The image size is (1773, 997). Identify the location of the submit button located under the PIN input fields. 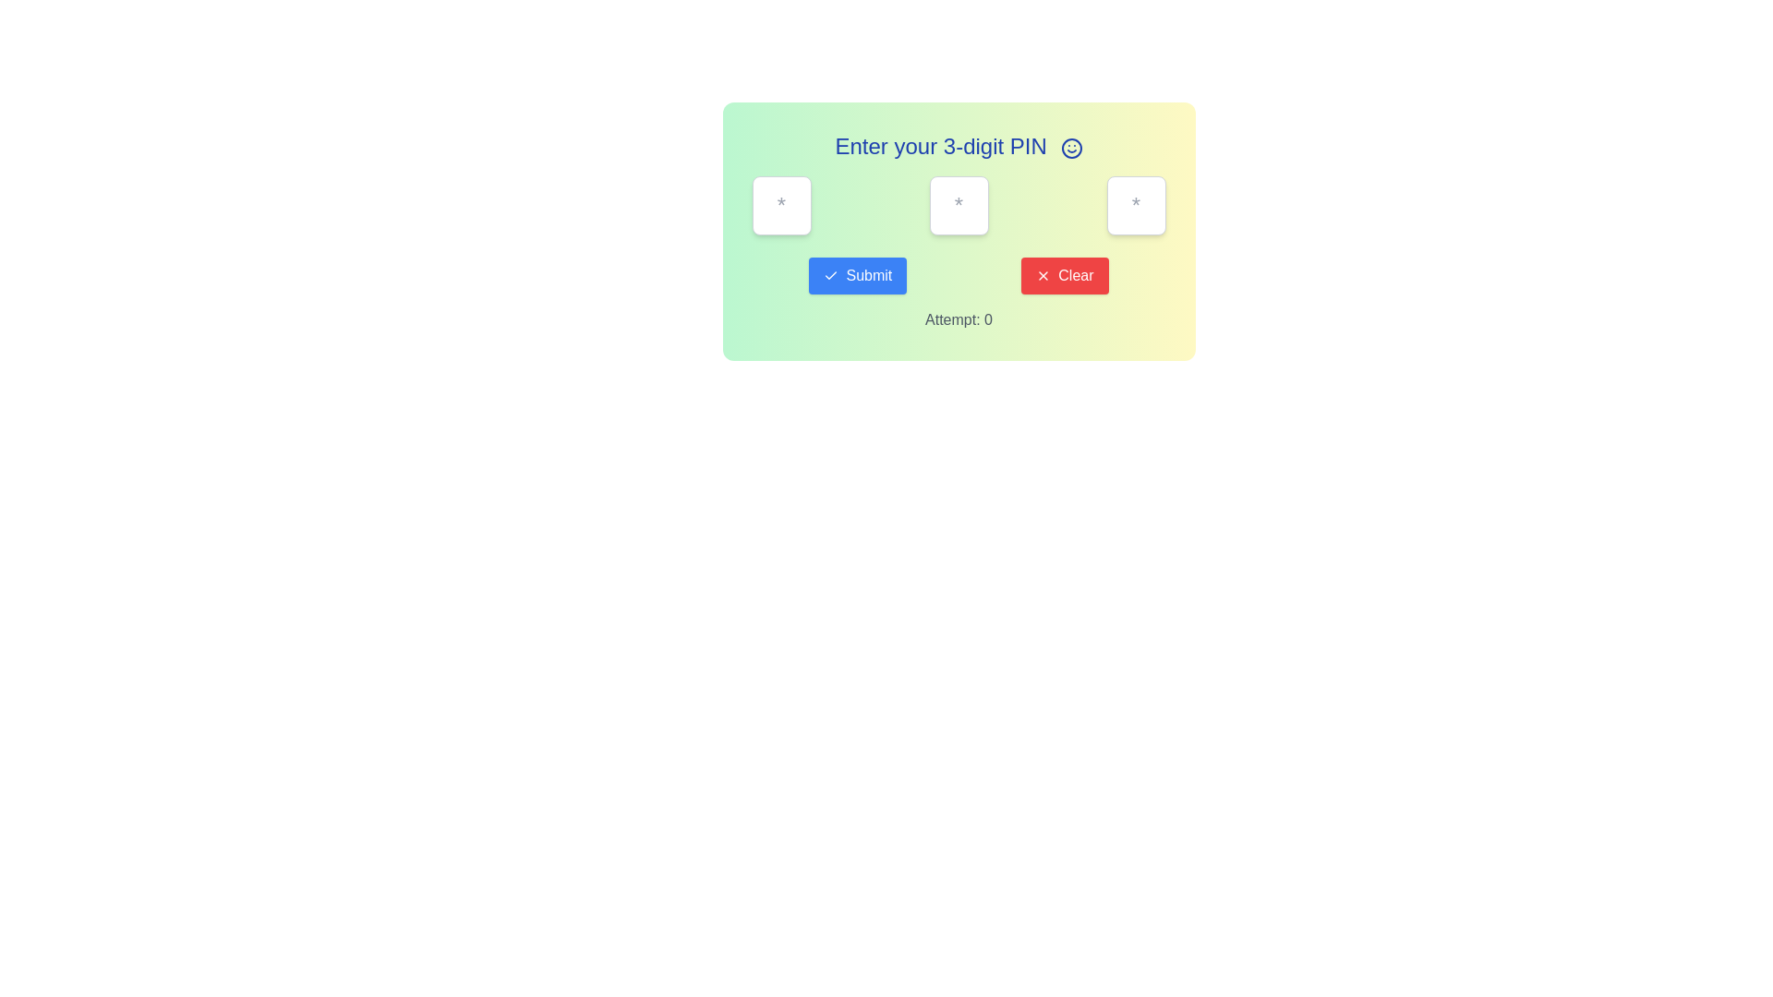
(857, 276).